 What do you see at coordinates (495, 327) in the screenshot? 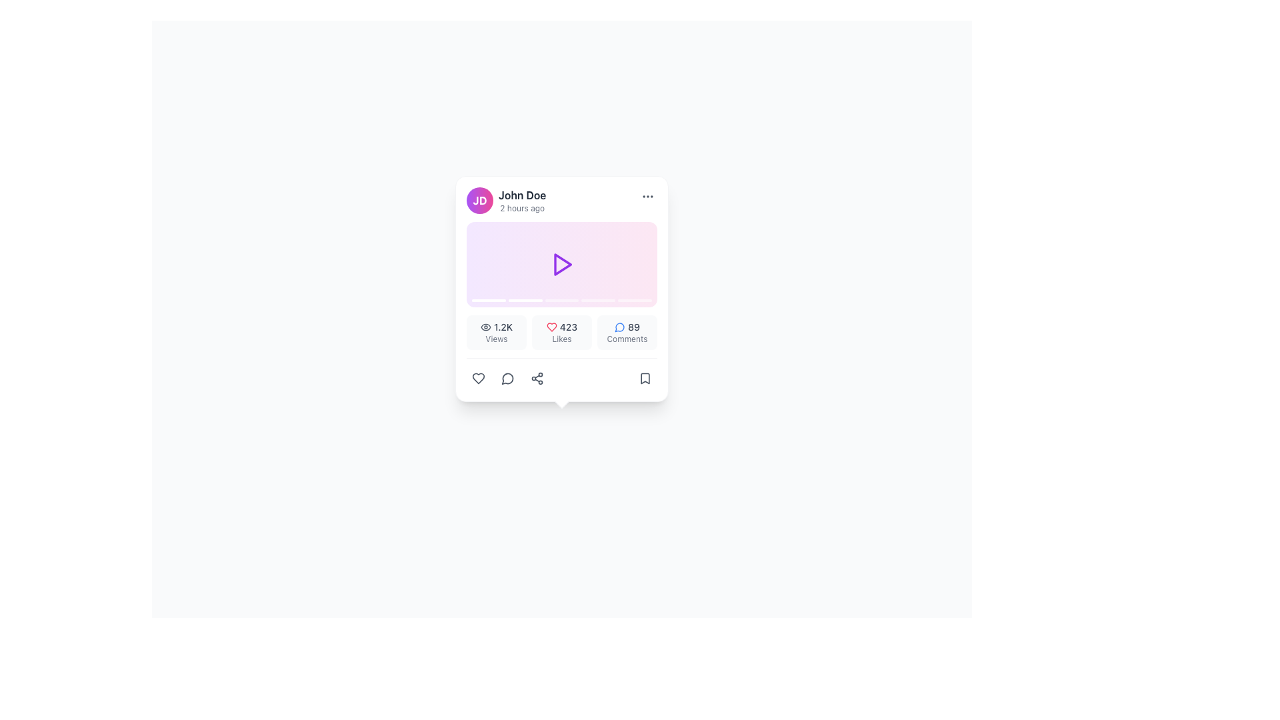
I see `view count information displayed as '1.2K' next to the eye icon in gray font, located beneath the main media content` at bounding box center [495, 327].